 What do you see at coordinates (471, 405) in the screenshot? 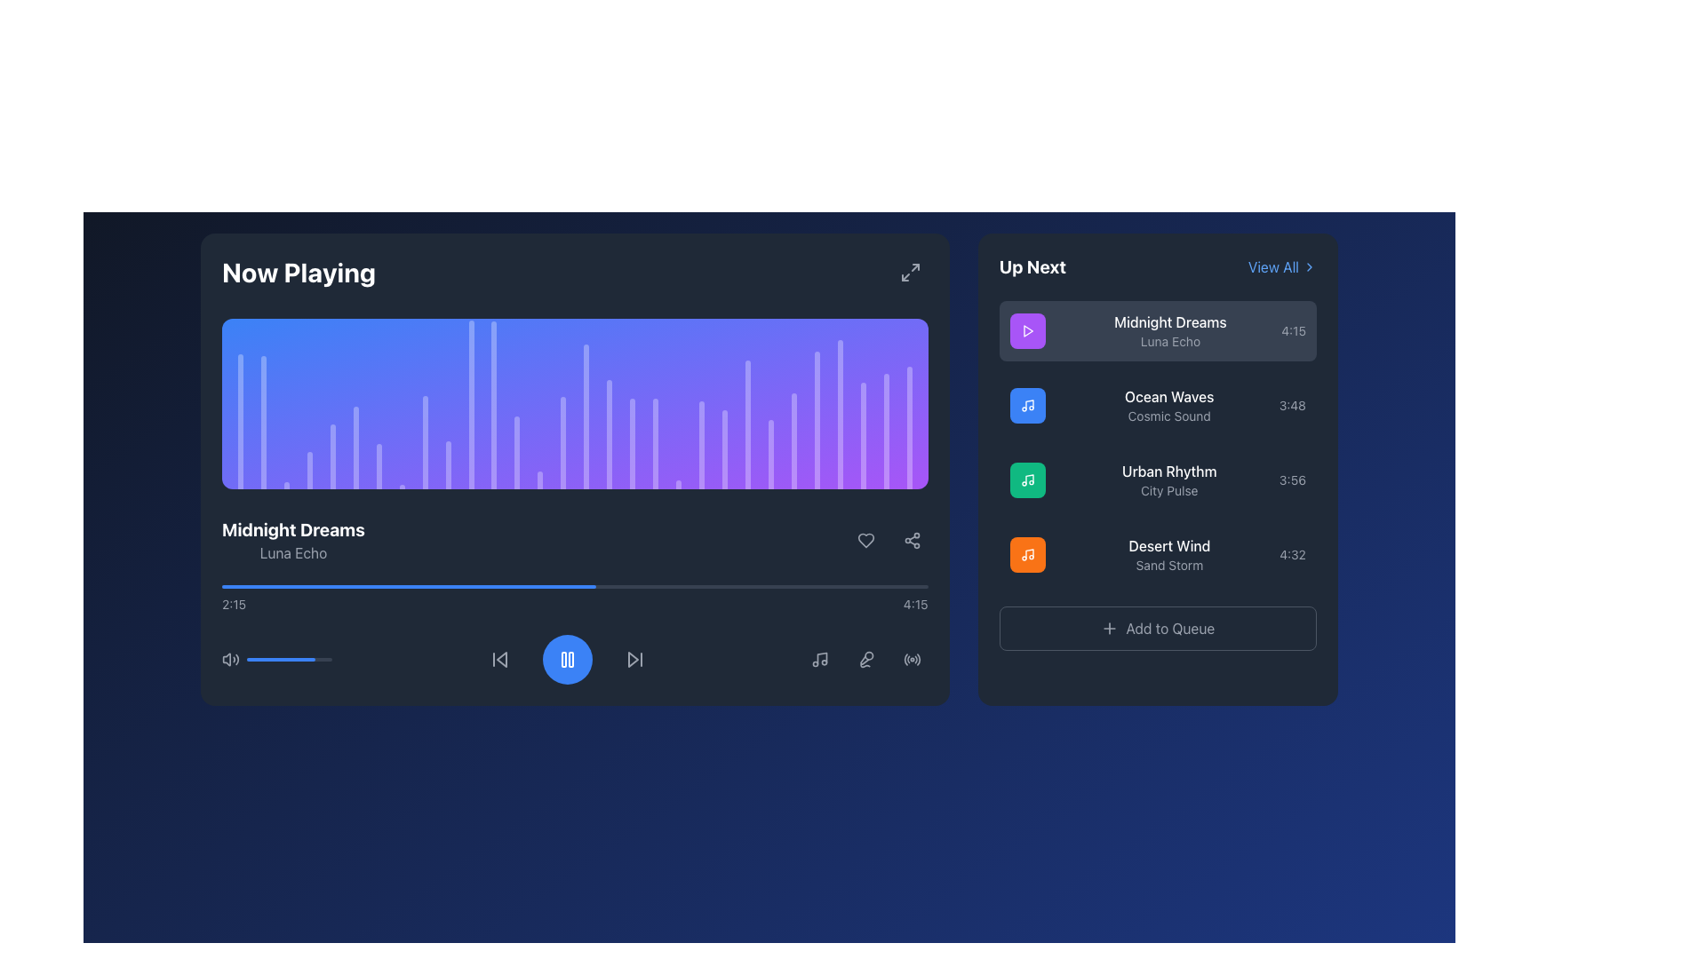
I see `the 11th vertical graphical bar with a rounded top in the music player interface, which has a light-colored gradient against a darker background` at bounding box center [471, 405].